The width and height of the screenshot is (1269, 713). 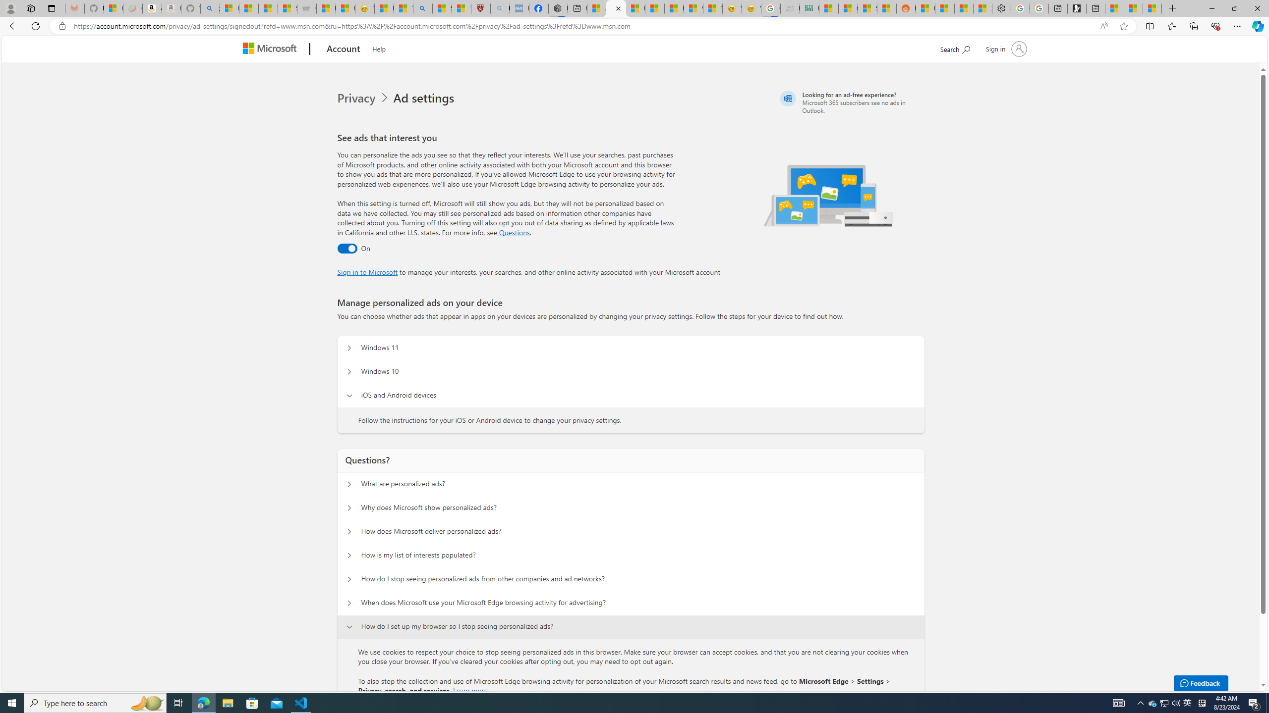 What do you see at coordinates (378, 47) in the screenshot?
I see `'Help'` at bounding box center [378, 47].